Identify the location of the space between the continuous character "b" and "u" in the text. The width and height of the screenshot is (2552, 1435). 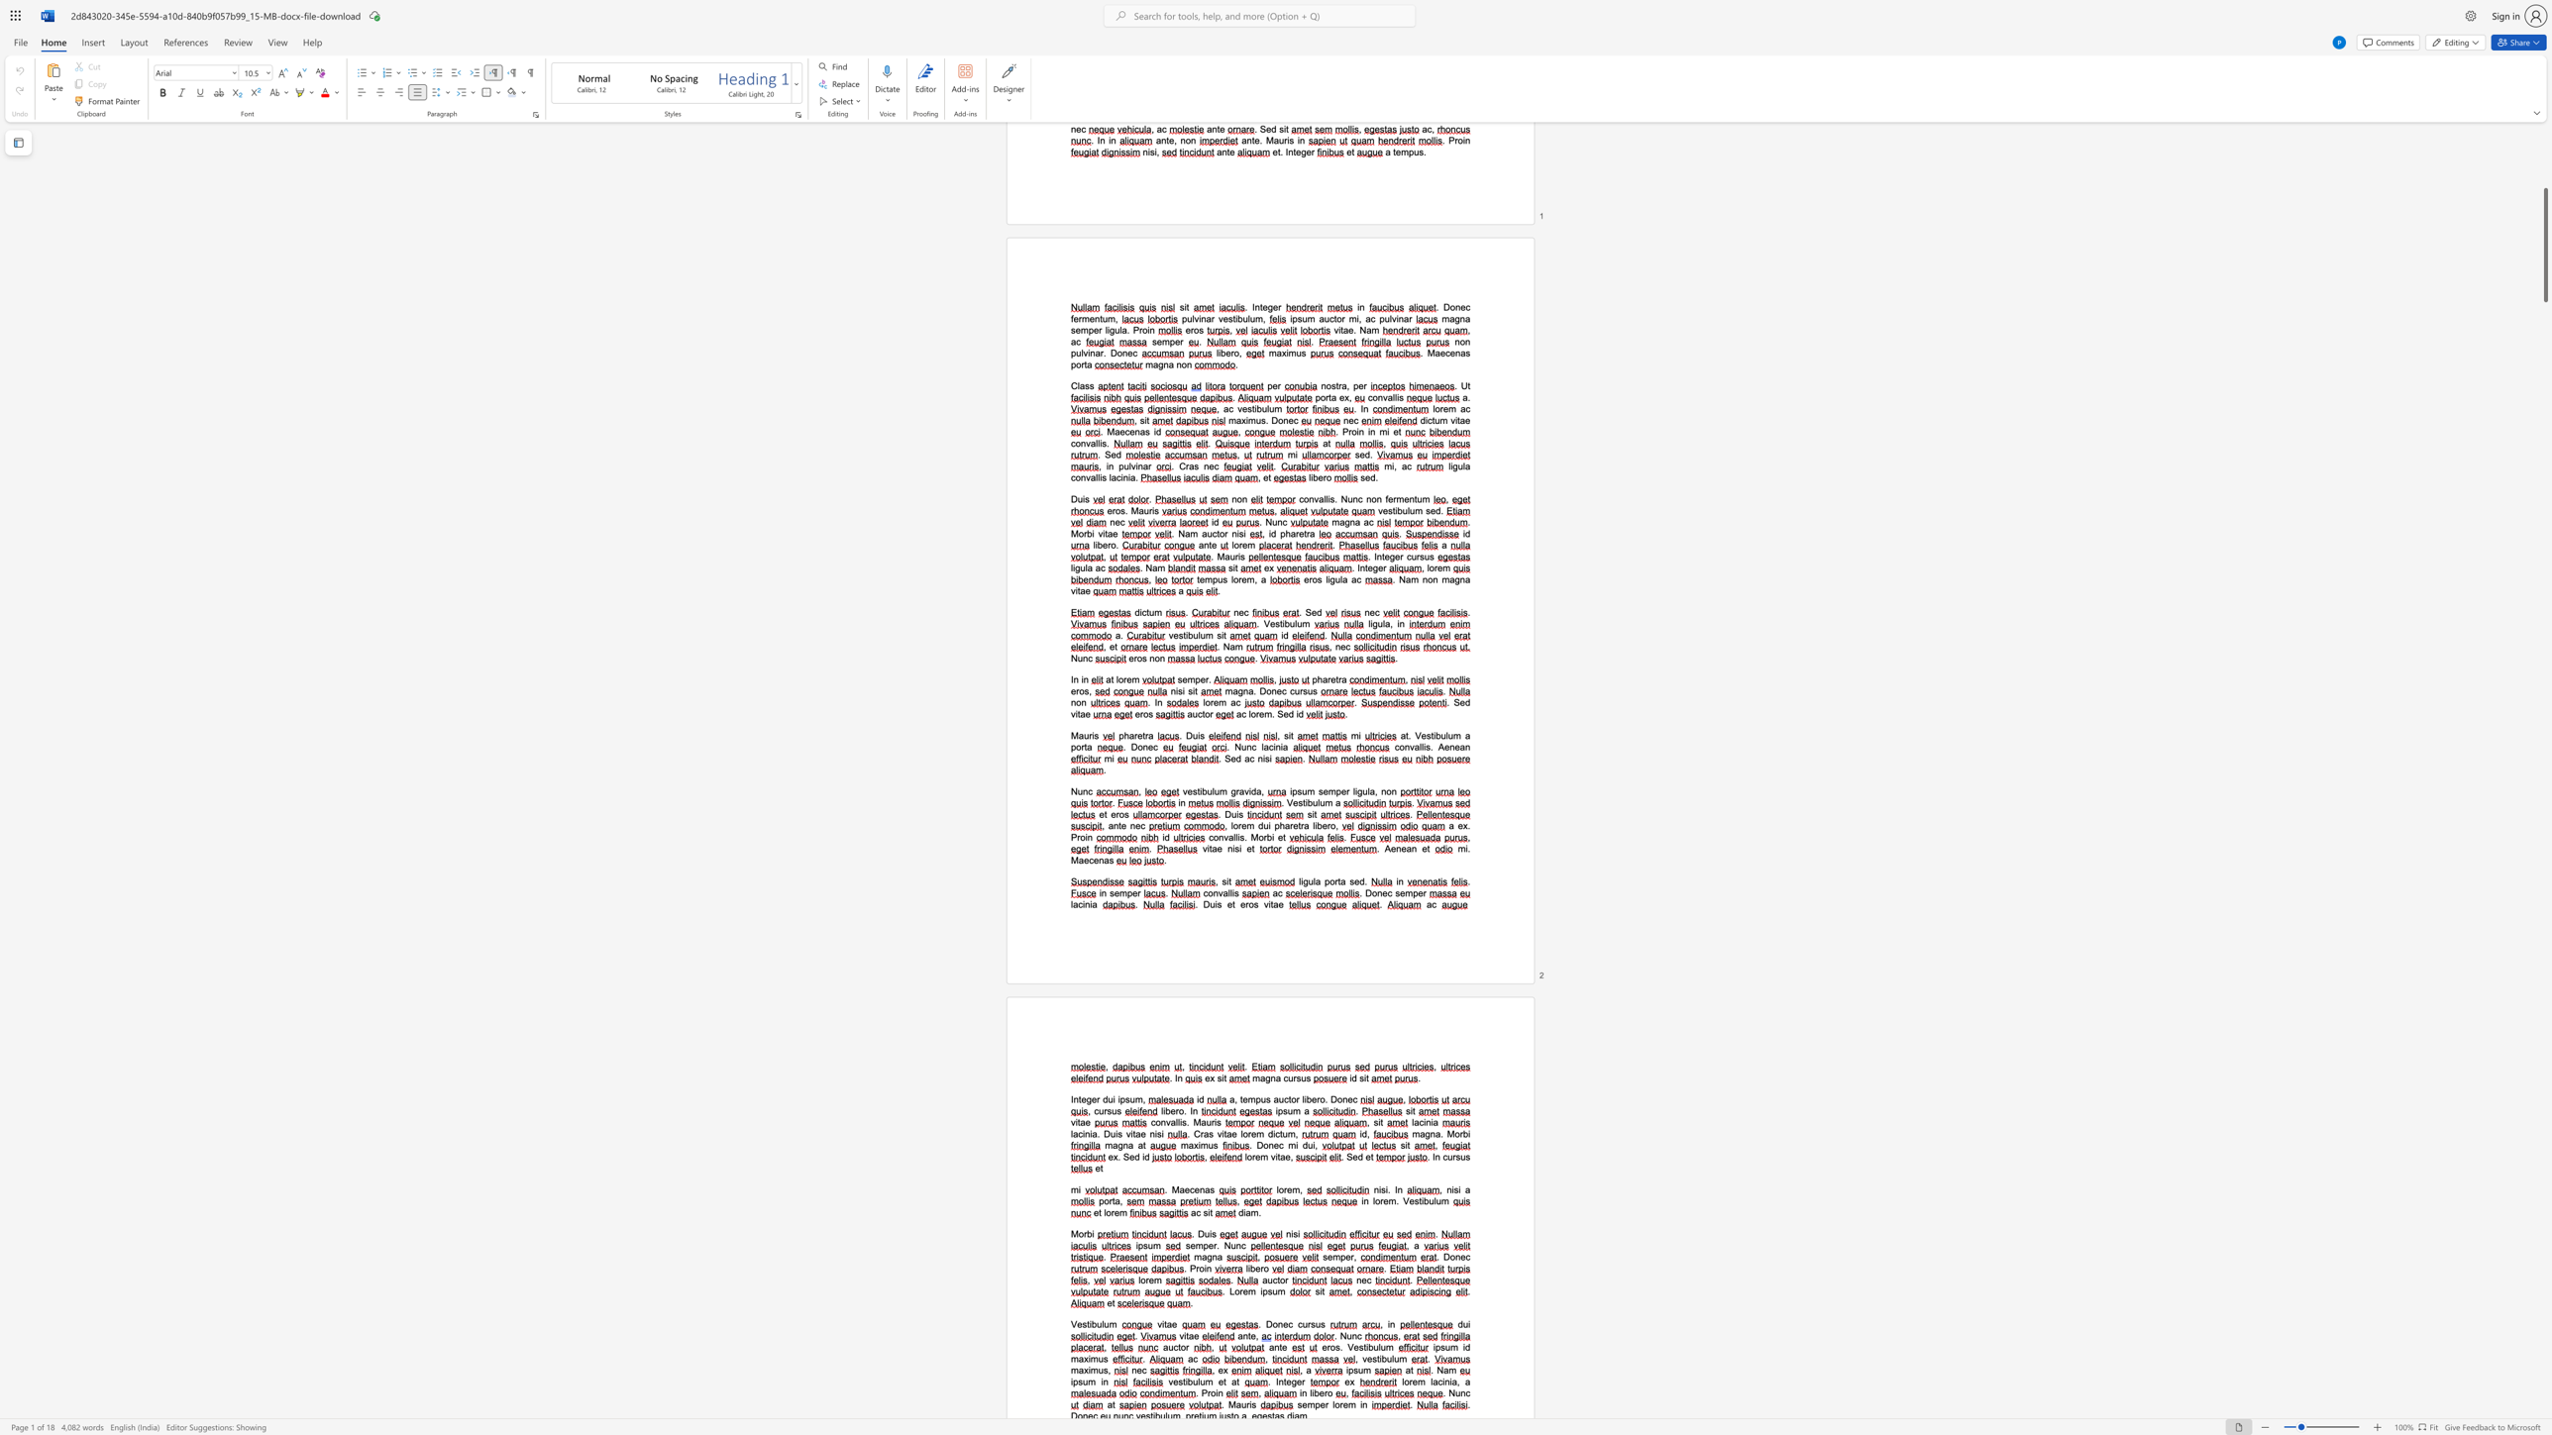
(1192, 1382).